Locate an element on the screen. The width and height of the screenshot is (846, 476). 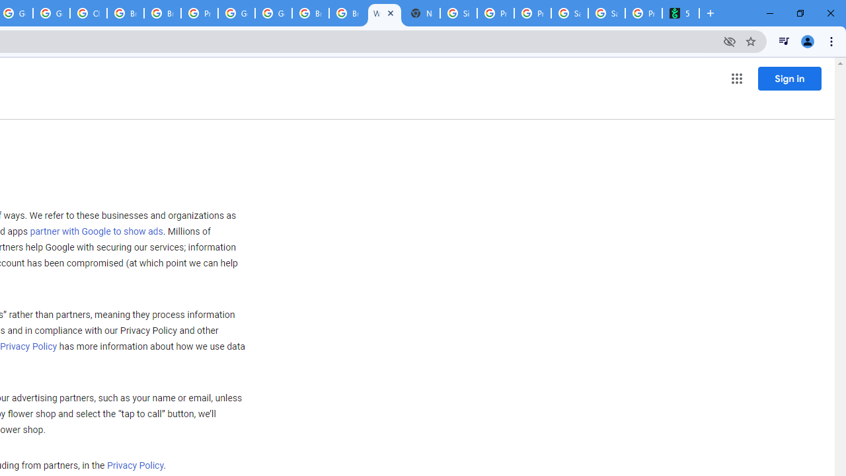
'Third-party cookies blocked' is located at coordinates (729, 40).